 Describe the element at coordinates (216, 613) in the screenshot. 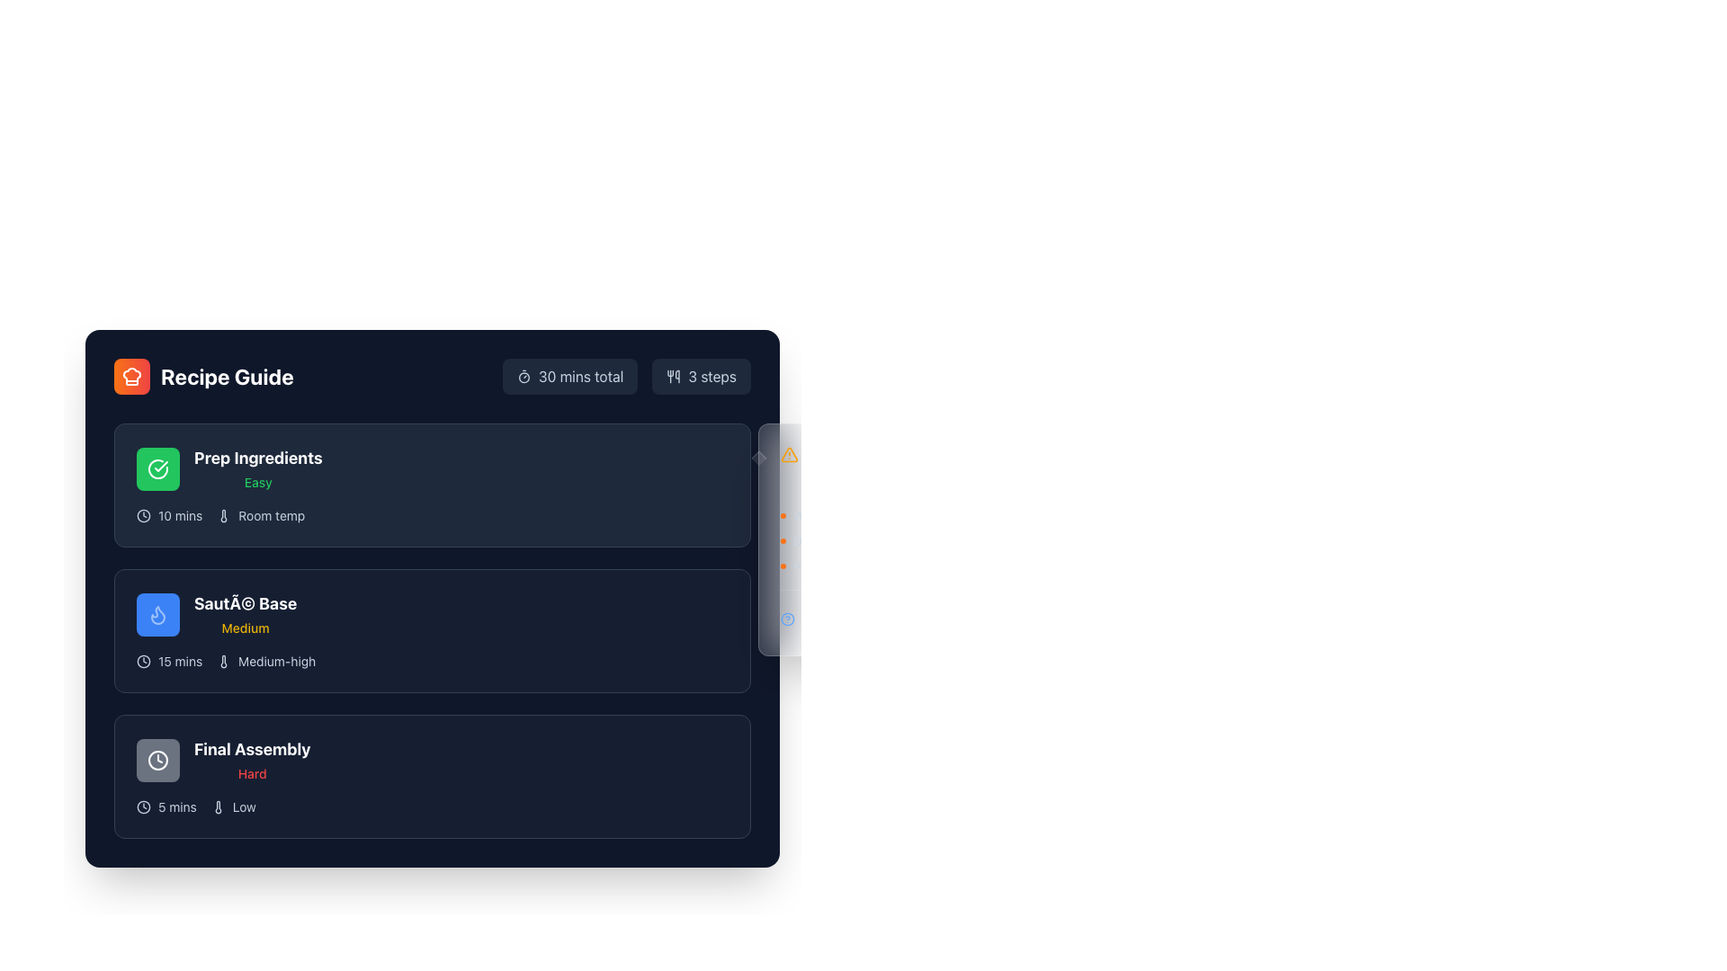

I see `displayed text of the Text Label that indicates the step 'Sauté Base' with a difficulty level of 'Medium', positioned between 'Prep Ingredients' and 'Final Assembly'` at that location.